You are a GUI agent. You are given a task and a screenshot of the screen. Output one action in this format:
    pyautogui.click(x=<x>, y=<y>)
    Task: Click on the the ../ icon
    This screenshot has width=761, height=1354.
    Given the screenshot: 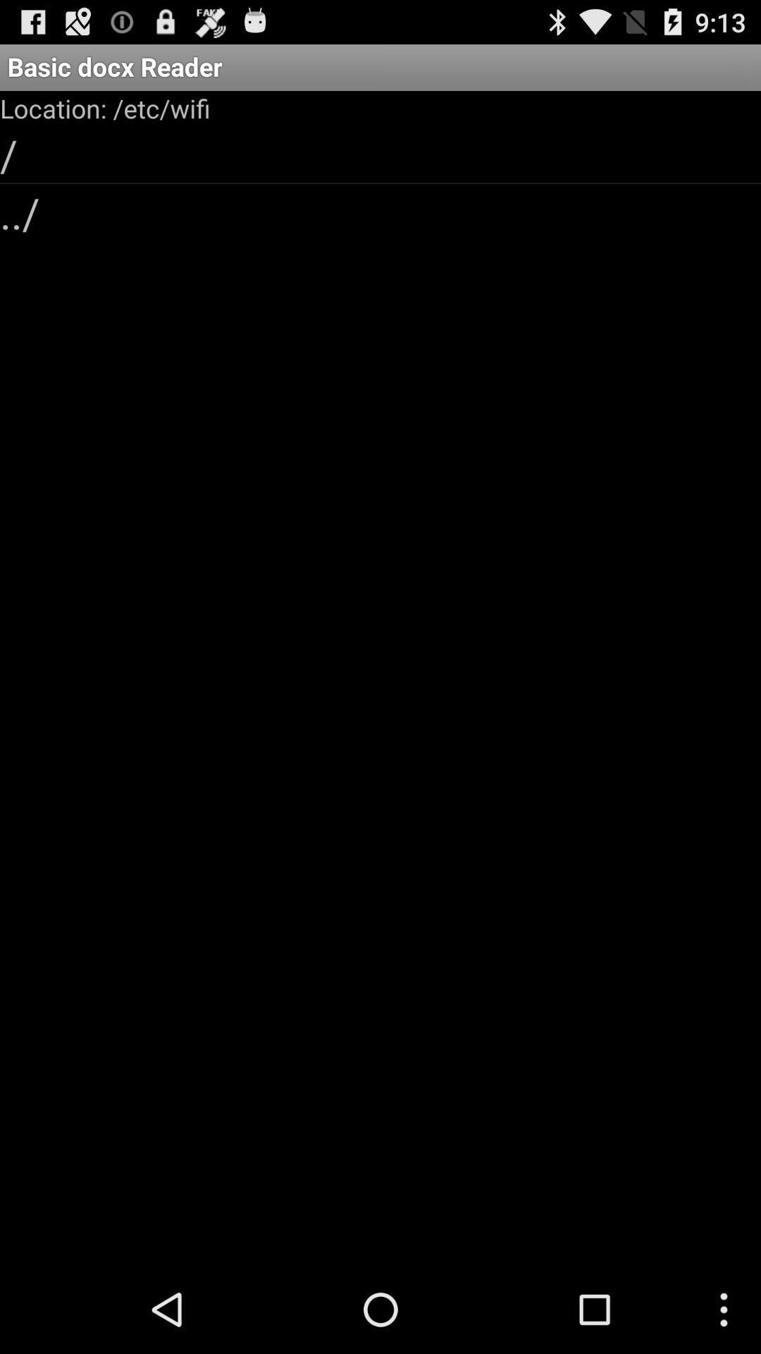 What is the action you would take?
    pyautogui.click(x=380, y=212)
    